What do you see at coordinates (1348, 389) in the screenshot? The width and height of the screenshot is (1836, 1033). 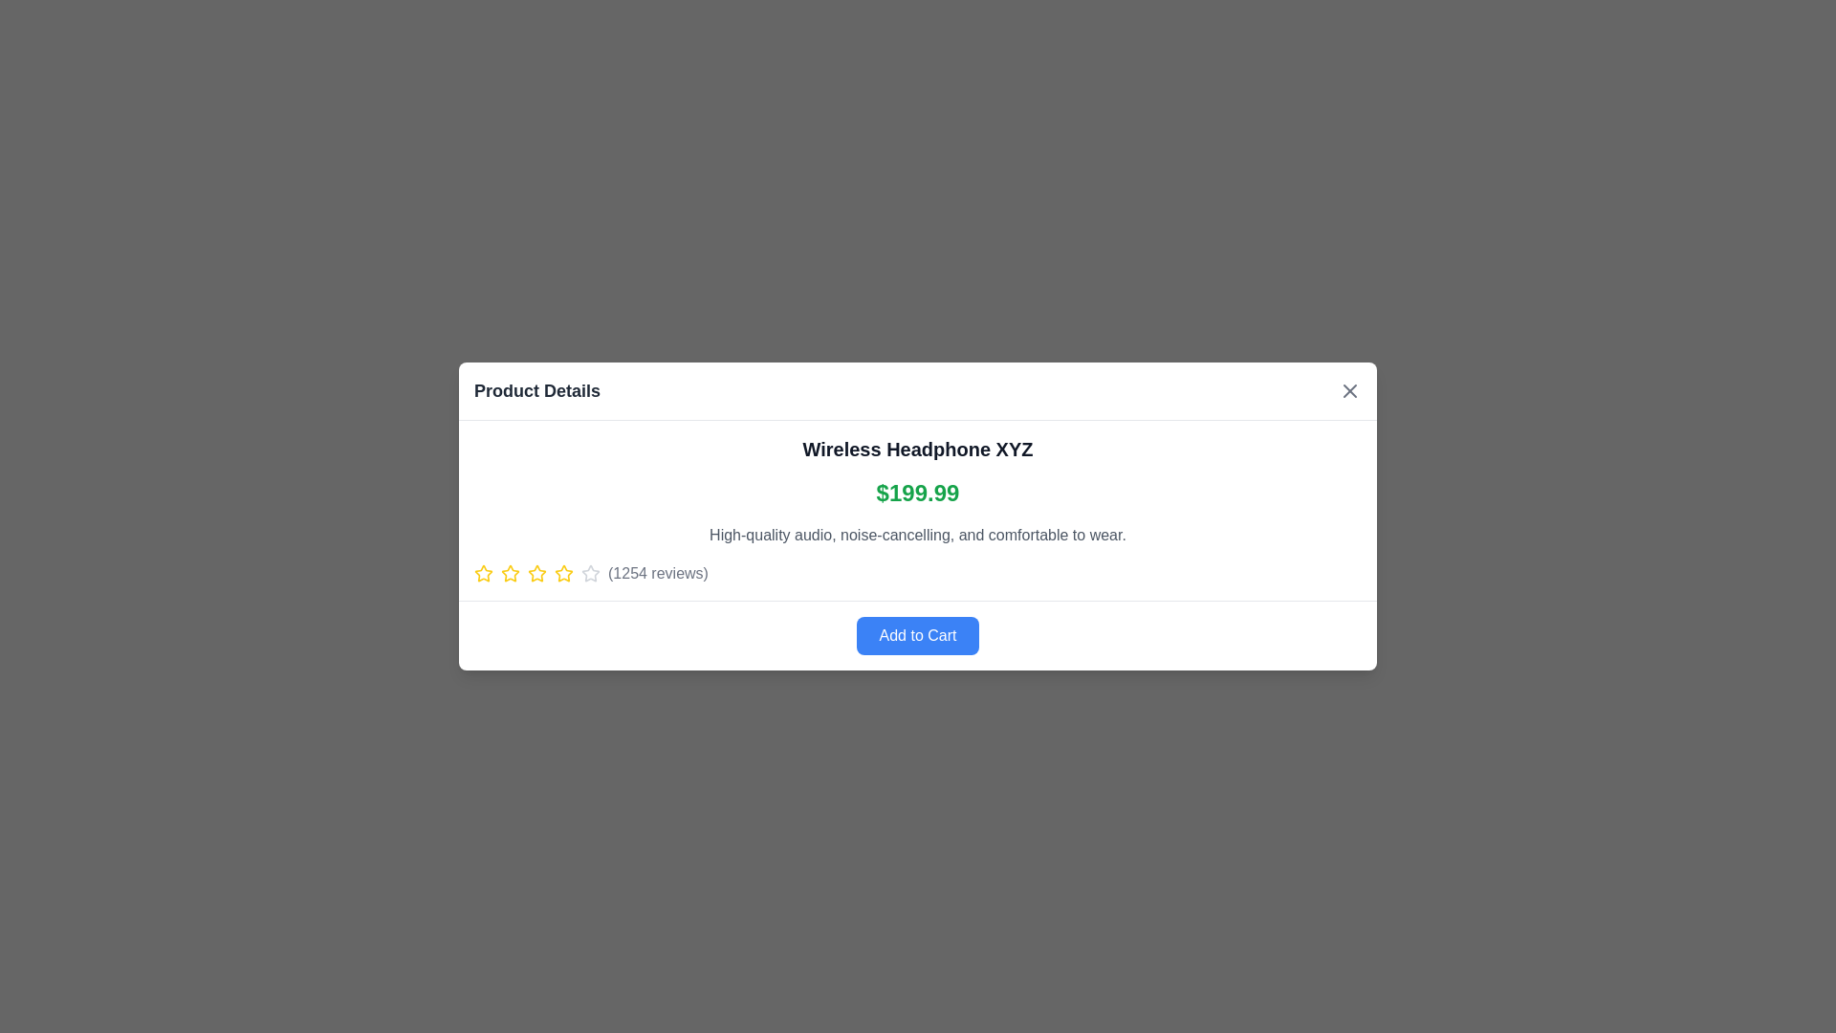 I see `the close button located in the top-right corner of the modal dialog's header section` at bounding box center [1348, 389].